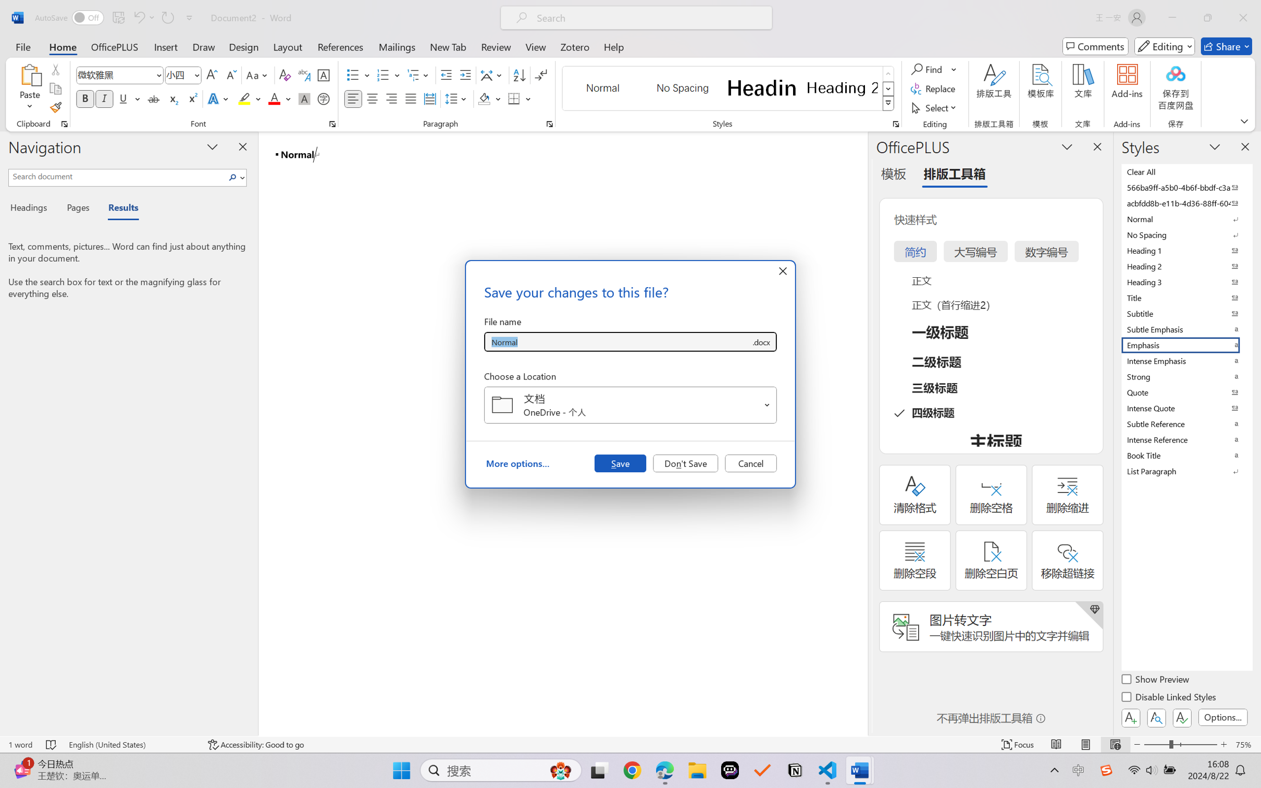  What do you see at coordinates (1115, 744) in the screenshot?
I see `'Web Layout'` at bounding box center [1115, 744].